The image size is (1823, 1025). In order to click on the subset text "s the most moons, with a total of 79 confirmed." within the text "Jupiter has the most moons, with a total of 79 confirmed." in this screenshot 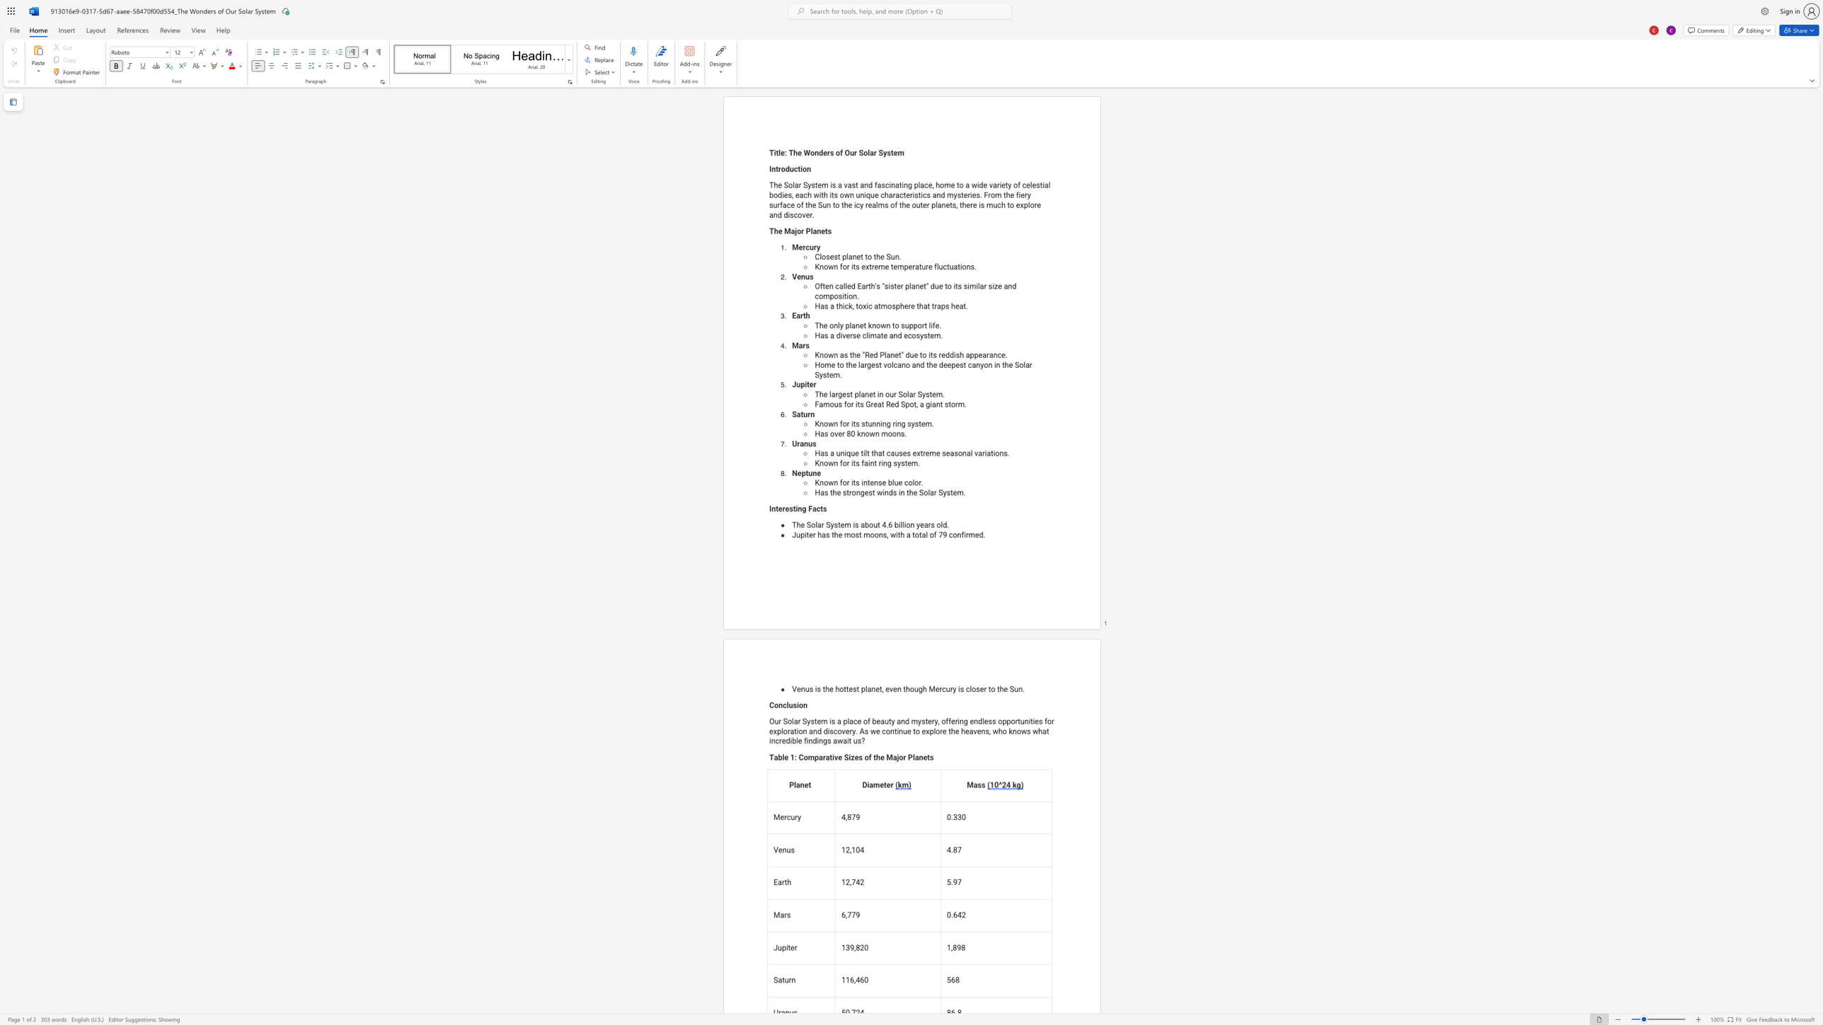, I will do `click(824, 535)`.